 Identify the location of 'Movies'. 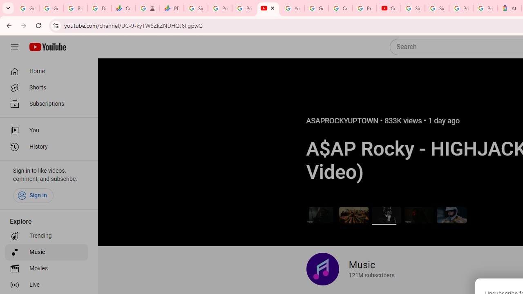
(46, 269).